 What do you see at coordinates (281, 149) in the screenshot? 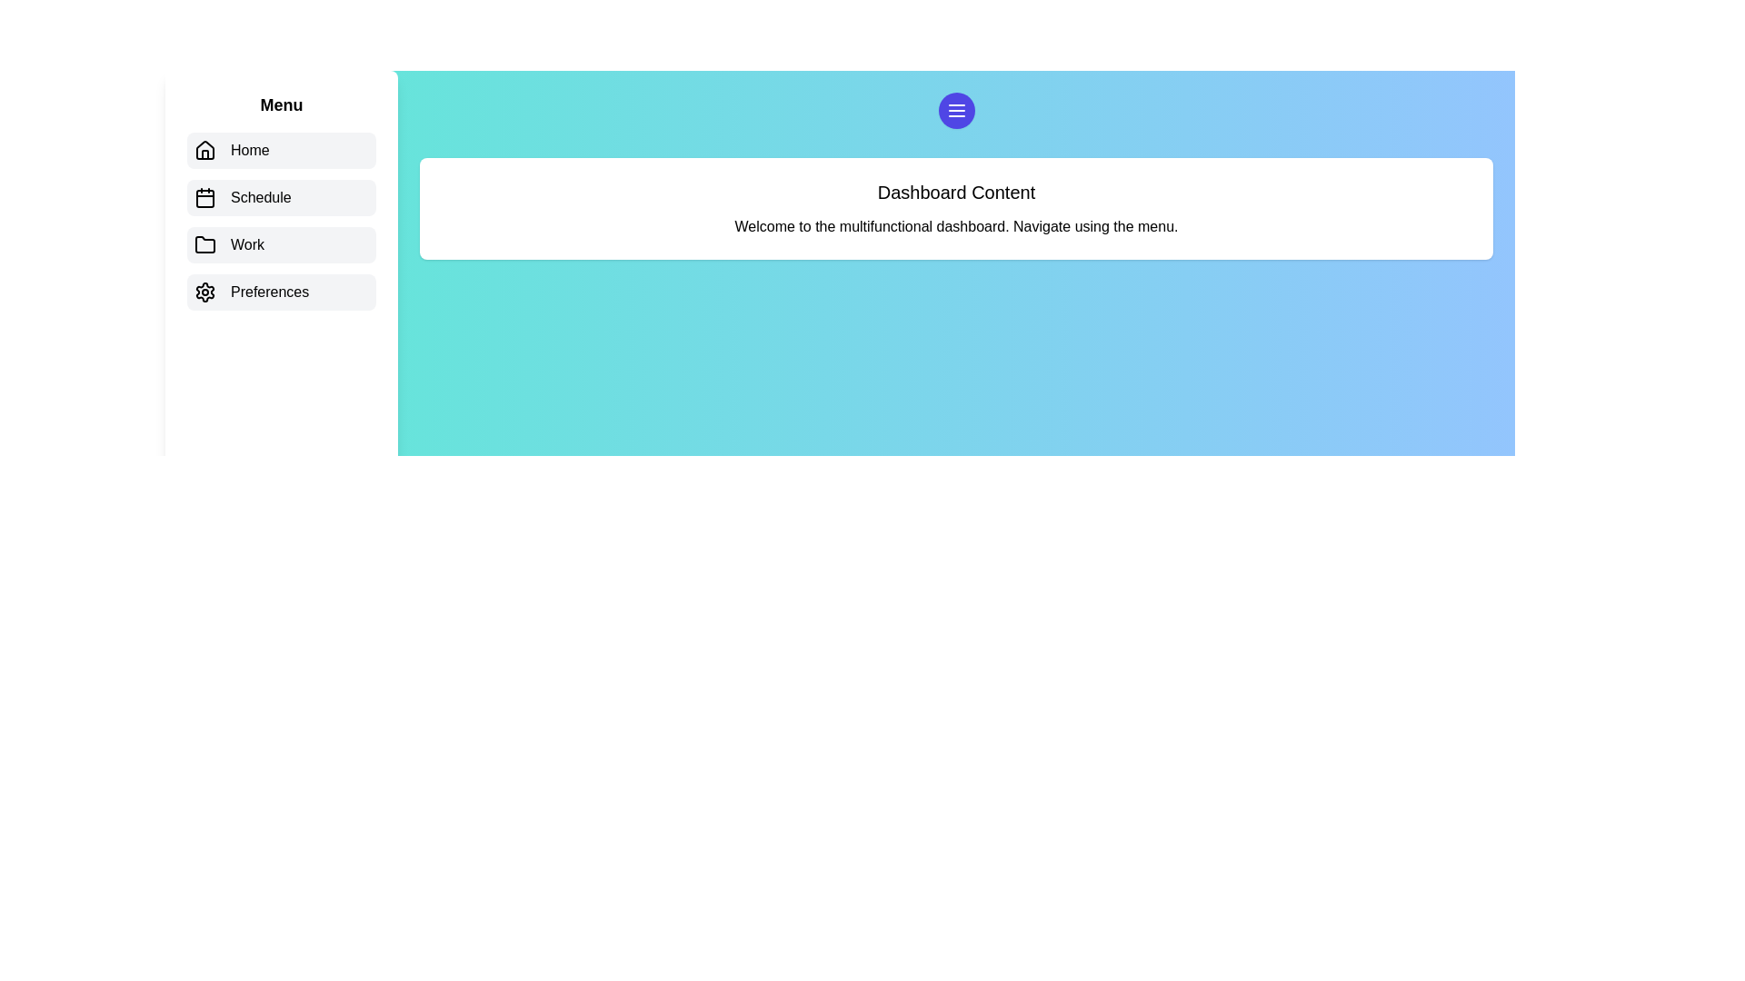
I see `the menu item labeled Home` at bounding box center [281, 149].